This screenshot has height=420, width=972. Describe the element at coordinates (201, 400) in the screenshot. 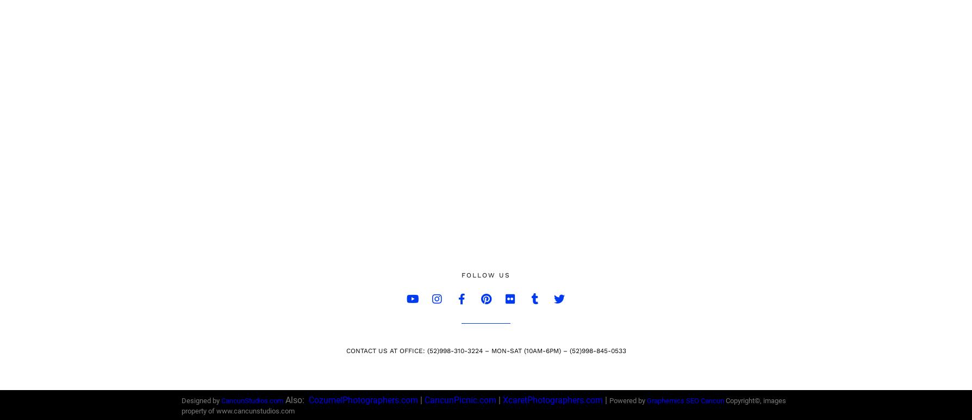

I see `'Designed by'` at that location.